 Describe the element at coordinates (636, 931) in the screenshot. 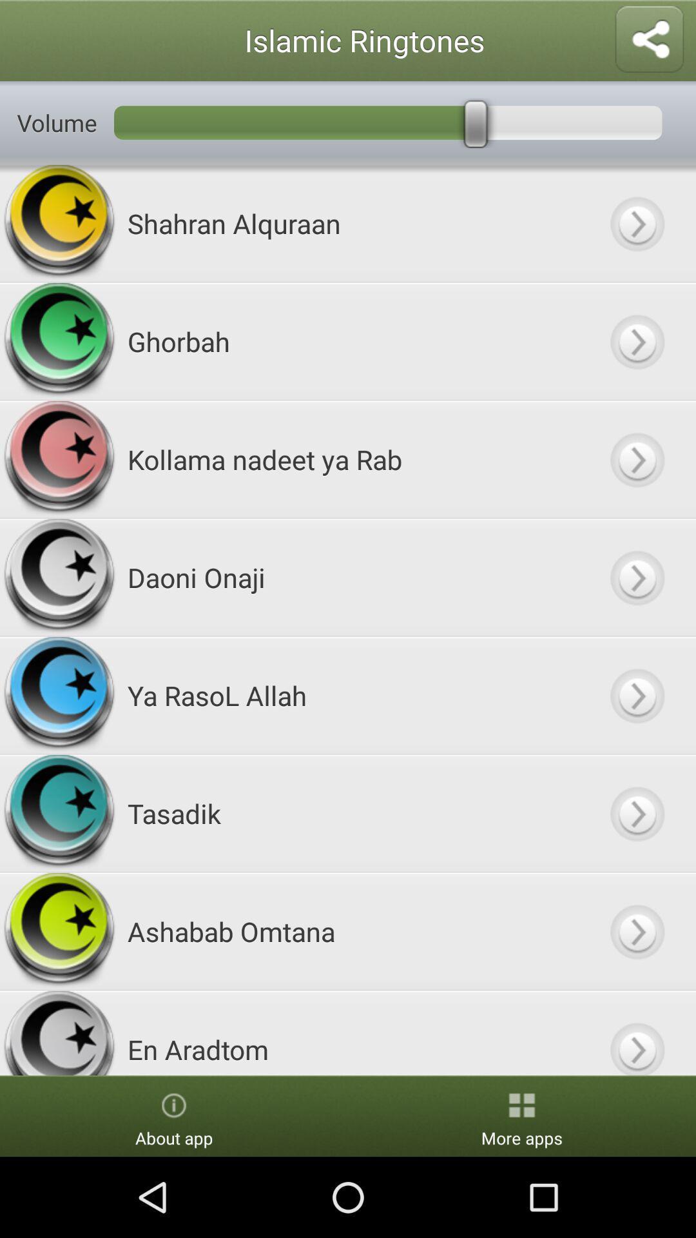

I see `click button` at that location.